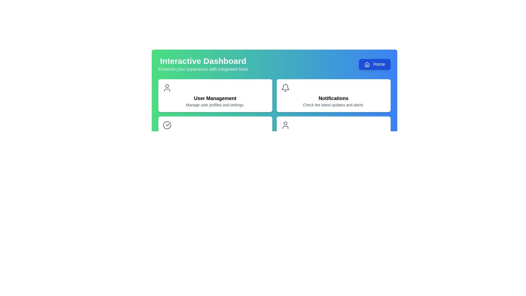 The image size is (526, 296). What do you see at coordinates (333, 105) in the screenshot?
I see `the descriptive text label beneath the 'Notifications' title in the upper-right quadrant of the interface` at bounding box center [333, 105].